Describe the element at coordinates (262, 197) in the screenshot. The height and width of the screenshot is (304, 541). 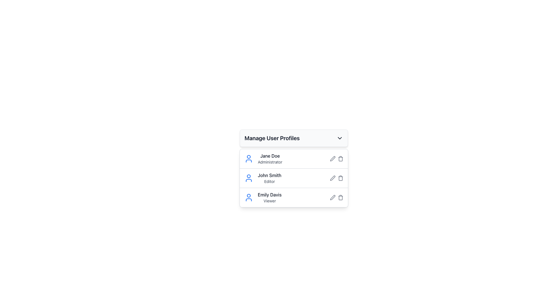
I see `on the Composite User Profile Badge representing 'Emily Davis - Viewer'` at that location.